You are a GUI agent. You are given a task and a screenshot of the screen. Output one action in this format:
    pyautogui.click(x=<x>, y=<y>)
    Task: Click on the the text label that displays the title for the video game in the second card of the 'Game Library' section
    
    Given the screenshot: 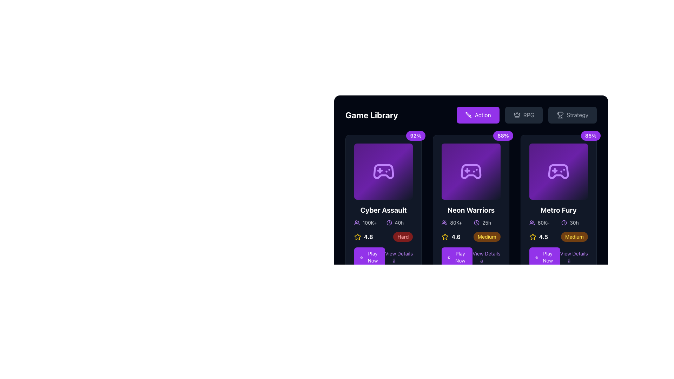 What is the action you would take?
    pyautogui.click(x=471, y=210)
    